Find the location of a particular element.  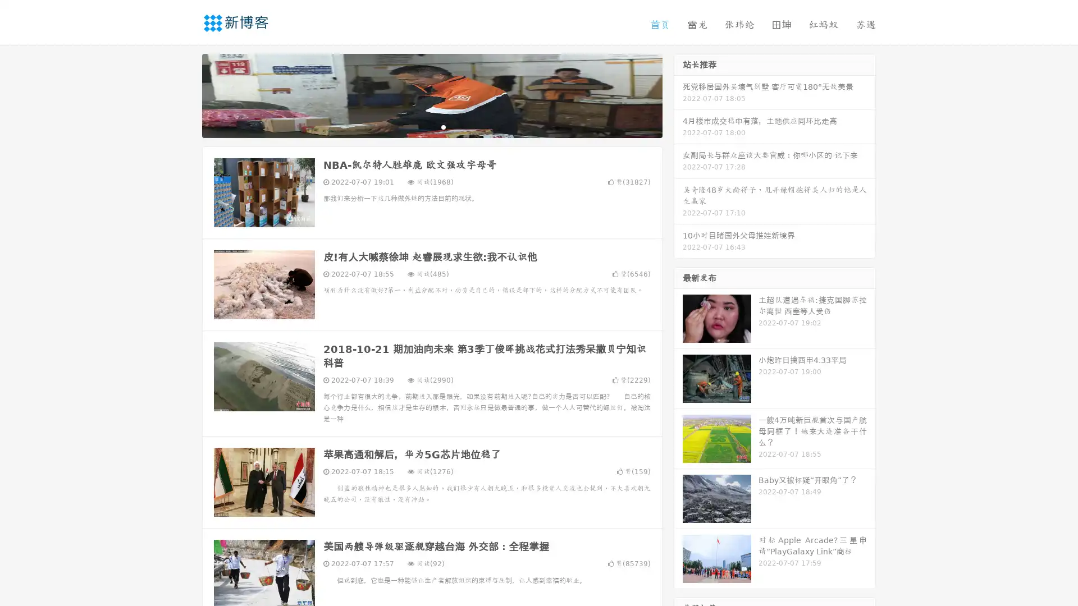

Next slide is located at coordinates (678, 94).